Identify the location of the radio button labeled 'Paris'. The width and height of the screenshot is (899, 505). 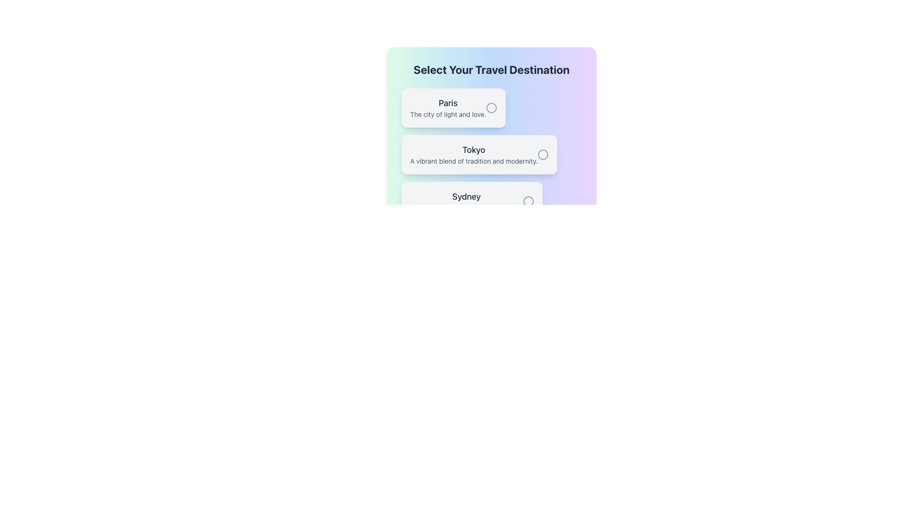
(491, 108).